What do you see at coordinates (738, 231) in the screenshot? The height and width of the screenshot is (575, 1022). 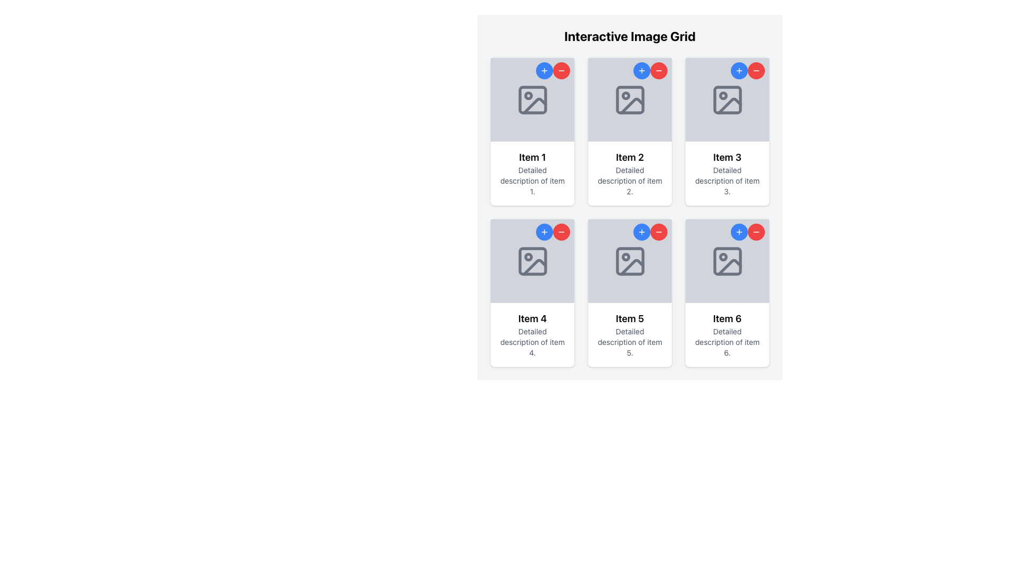 I see `the action button located in the top-left corner of the sixth item tile` at bounding box center [738, 231].